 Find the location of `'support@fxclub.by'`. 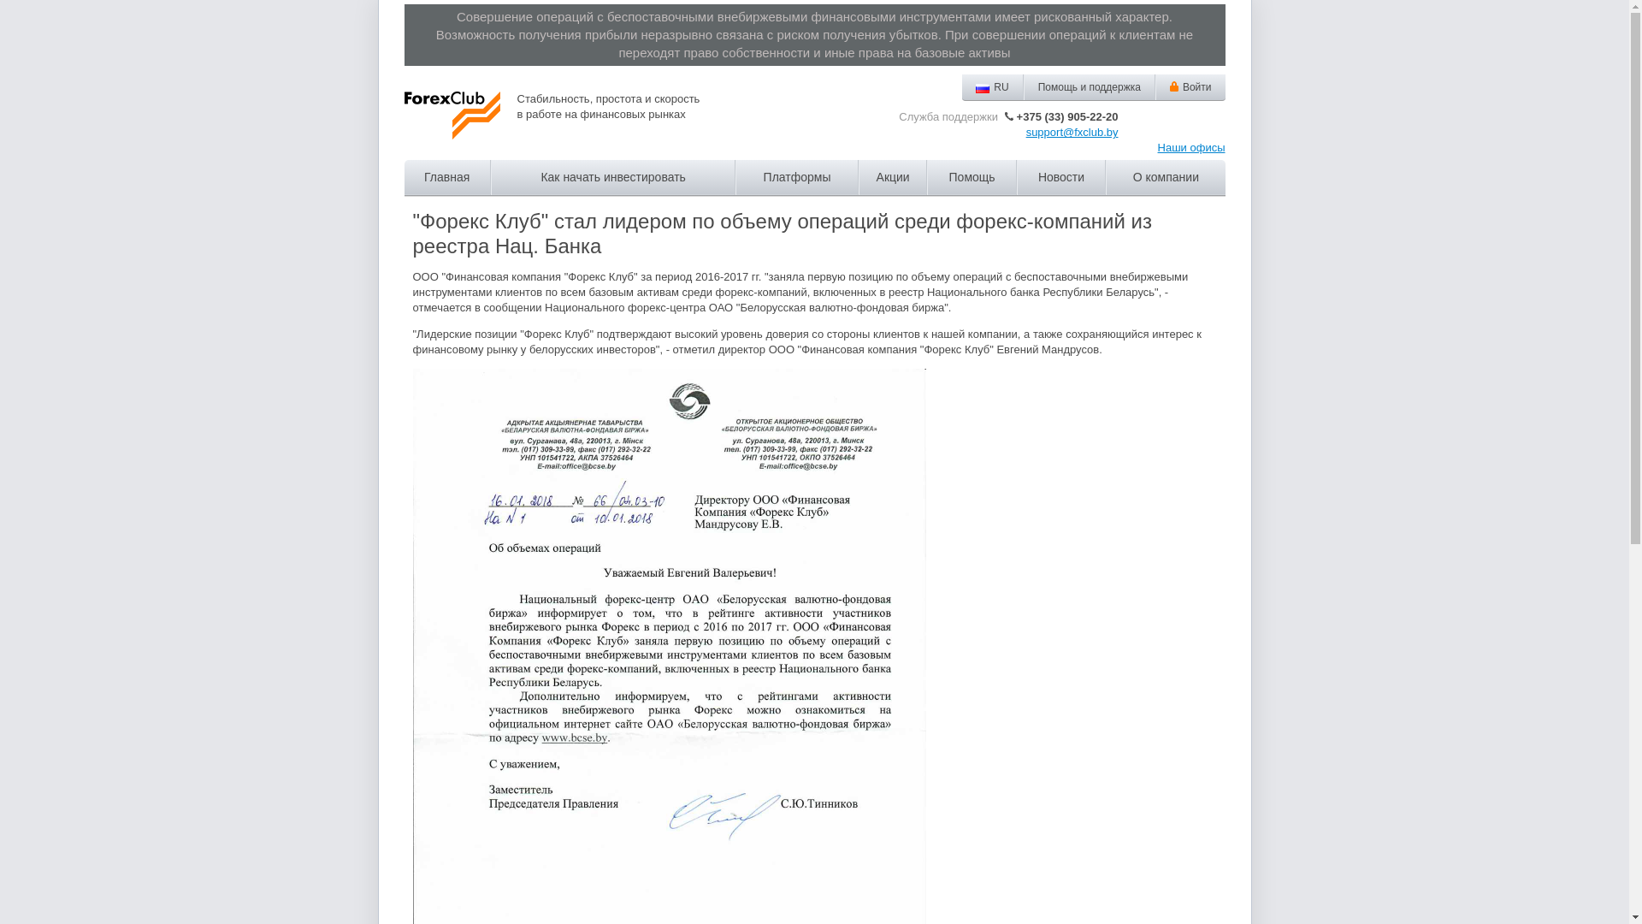

'support@fxclub.by' is located at coordinates (1026, 131).